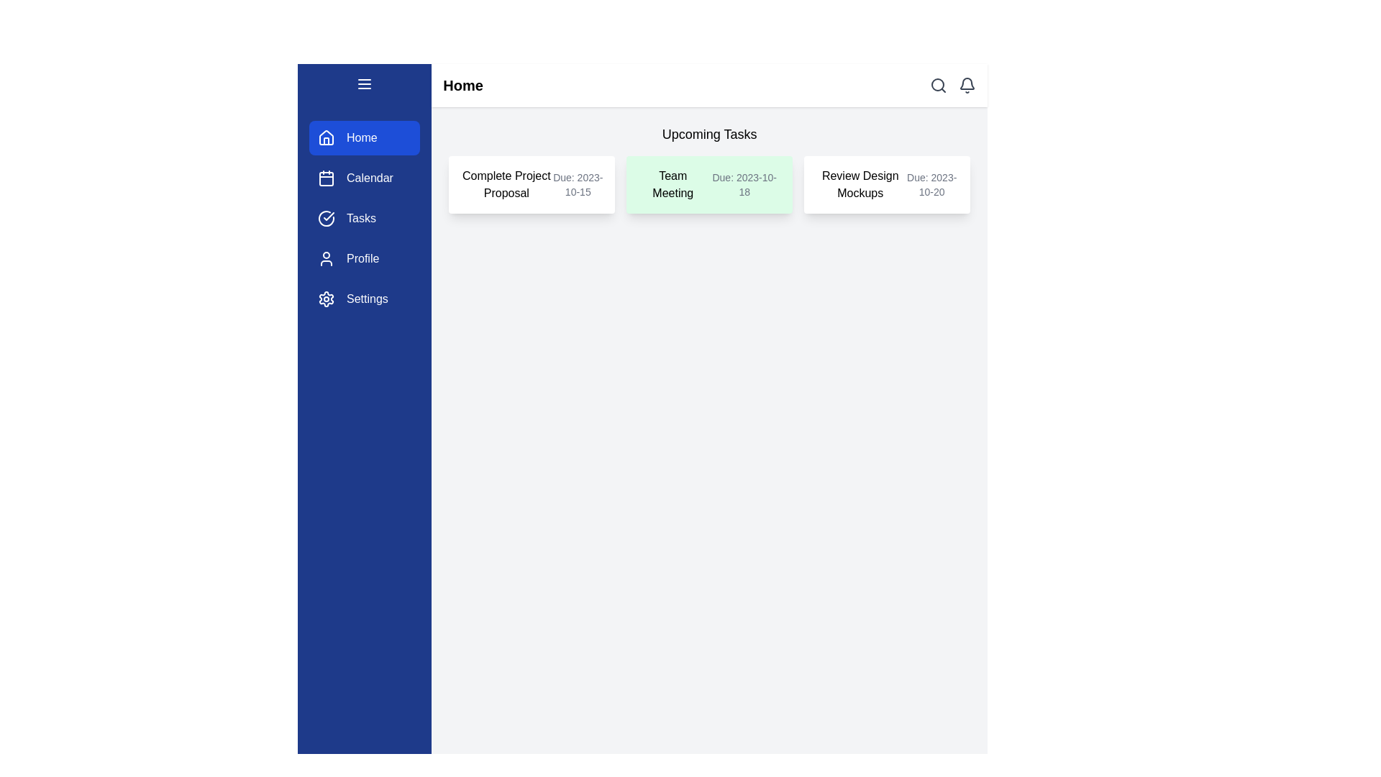 The height and width of the screenshot is (777, 1381). Describe the element at coordinates (370, 177) in the screenshot. I see `the 'Calendar' text label in the left vertical navigation bar, which is styled with a white font on a blue rectangular background and is the second entry below 'Home'` at that location.